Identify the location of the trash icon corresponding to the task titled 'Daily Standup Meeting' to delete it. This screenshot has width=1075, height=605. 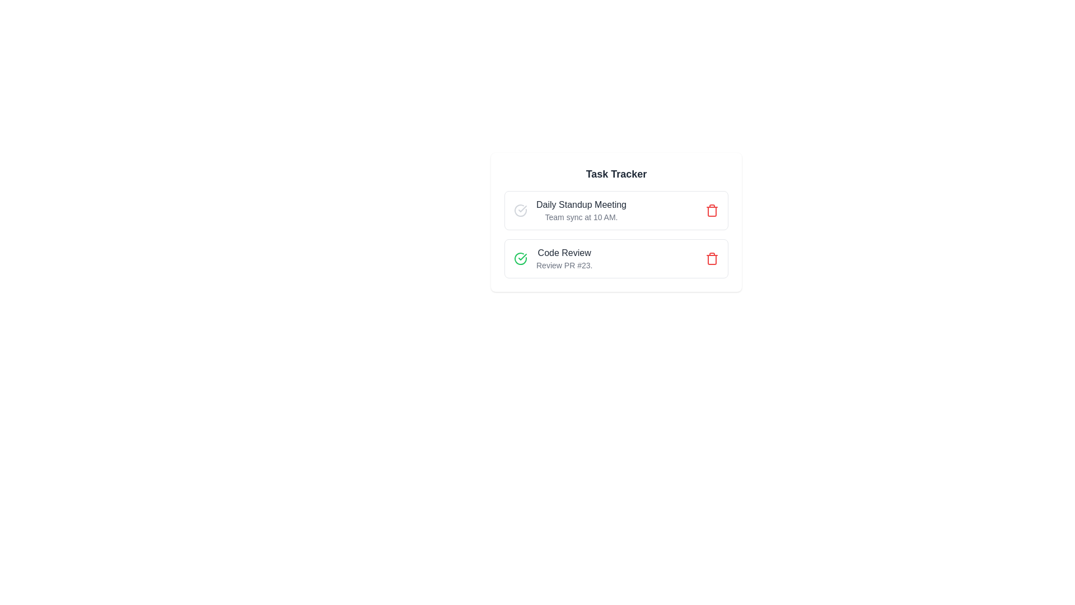
(712, 210).